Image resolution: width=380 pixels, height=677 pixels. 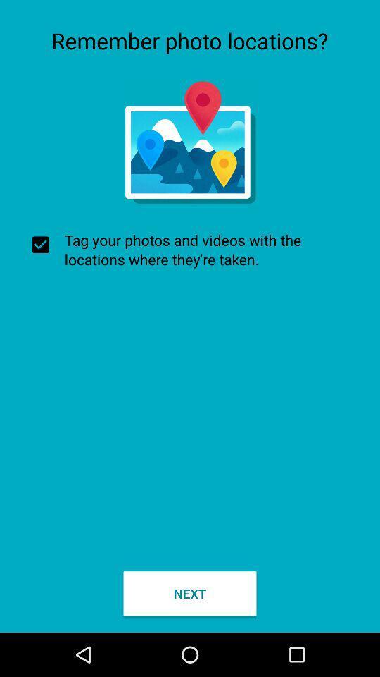 What do you see at coordinates (190, 592) in the screenshot?
I see `next` at bounding box center [190, 592].